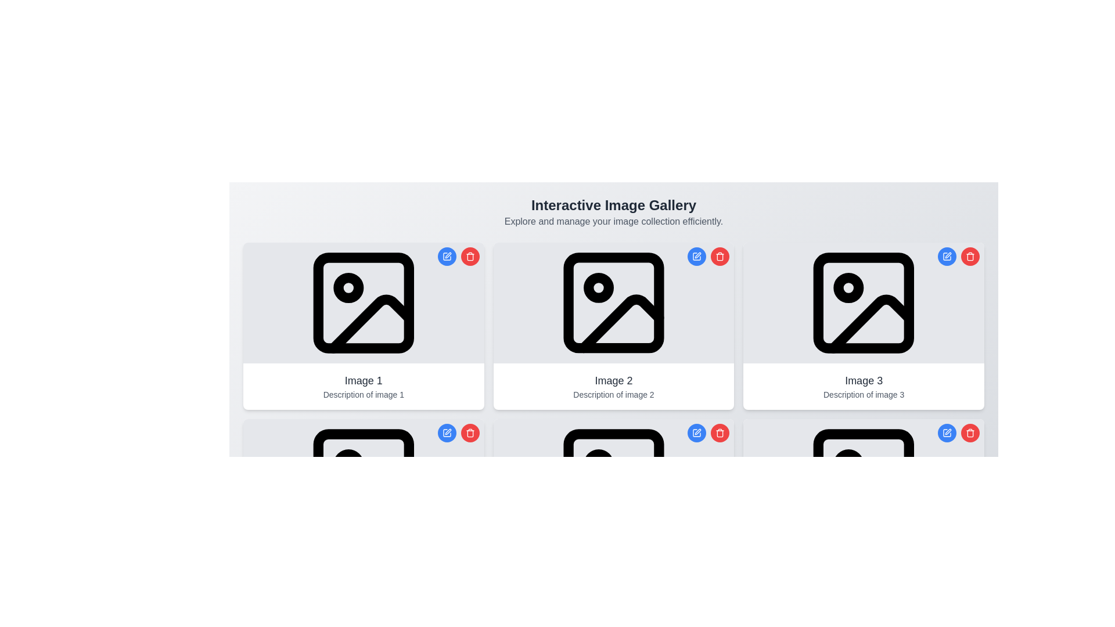 Image resolution: width=1115 pixels, height=627 pixels. What do you see at coordinates (446, 433) in the screenshot?
I see `the edit icon located at the top right corner of the card labeled 'Image 2' to initiate the editing function` at bounding box center [446, 433].